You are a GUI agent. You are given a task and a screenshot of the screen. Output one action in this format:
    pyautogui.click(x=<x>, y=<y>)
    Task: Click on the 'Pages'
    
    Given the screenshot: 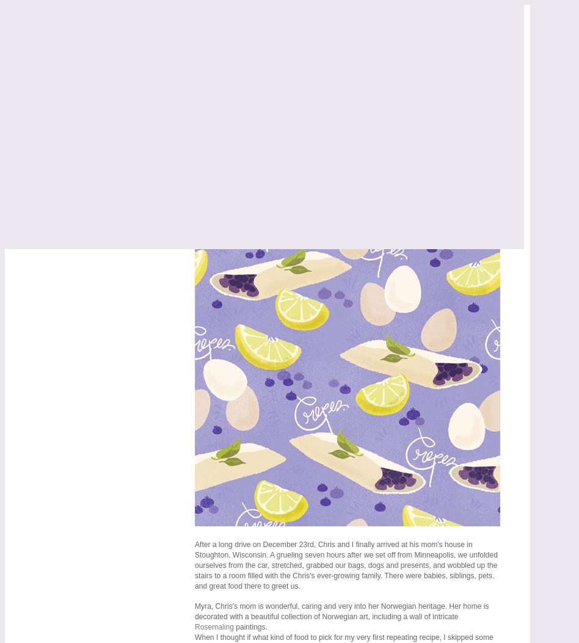 What is the action you would take?
    pyautogui.click(x=29, y=96)
    